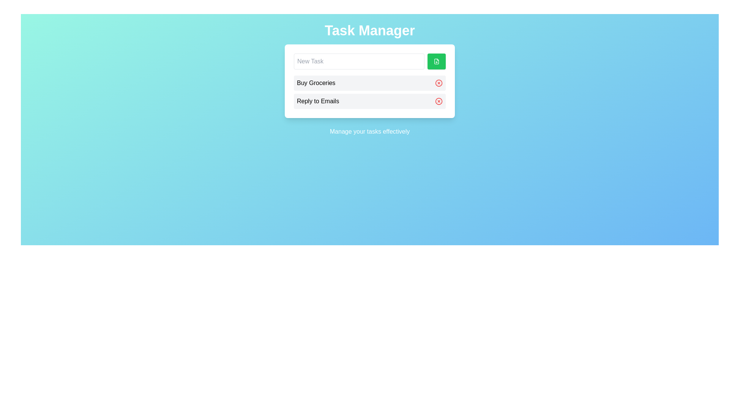 The width and height of the screenshot is (729, 410). What do you see at coordinates (316, 83) in the screenshot?
I see `the title text of the task displayed at the top of the task list` at bounding box center [316, 83].